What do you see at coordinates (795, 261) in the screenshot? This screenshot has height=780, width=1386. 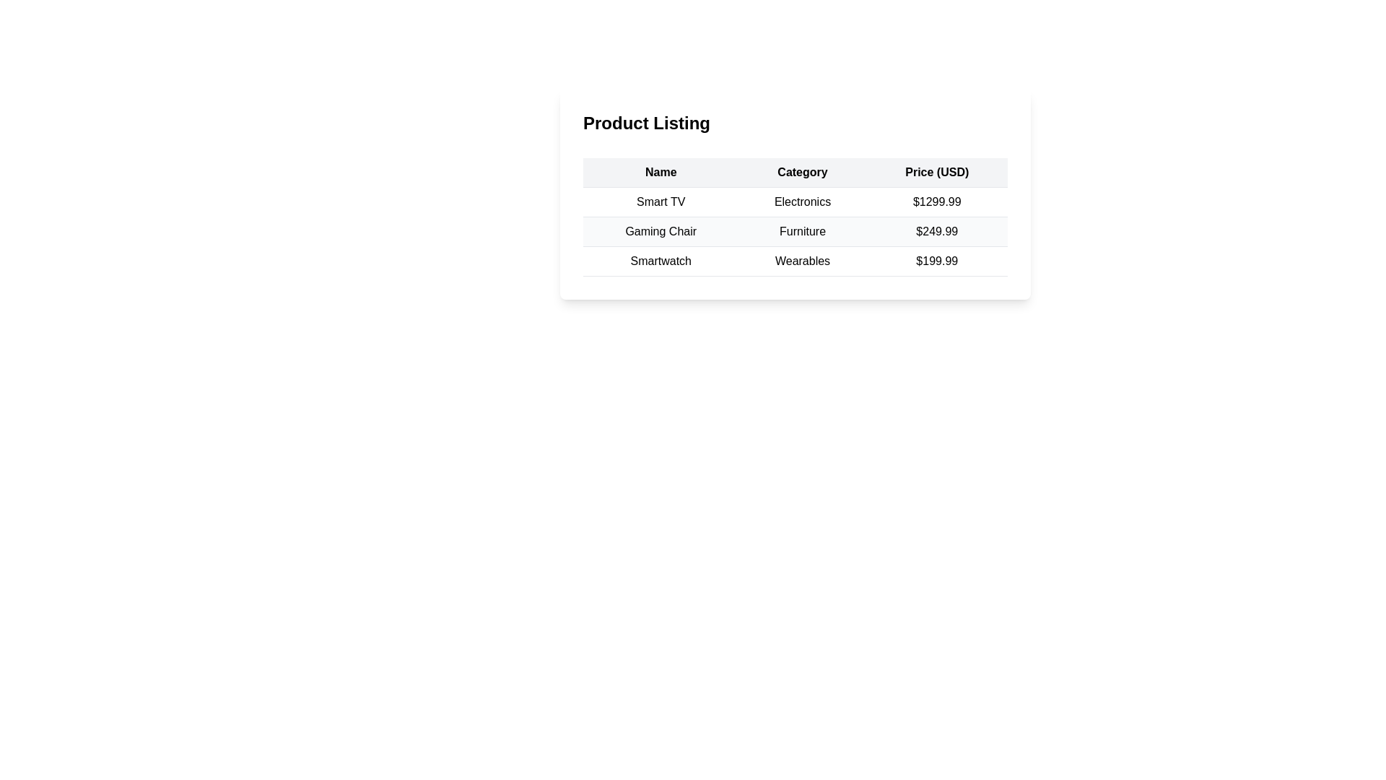 I see `details of the 'Smartwatch' product displayed in the third row of the table, which is priced at '$199.99'` at bounding box center [795, 261].